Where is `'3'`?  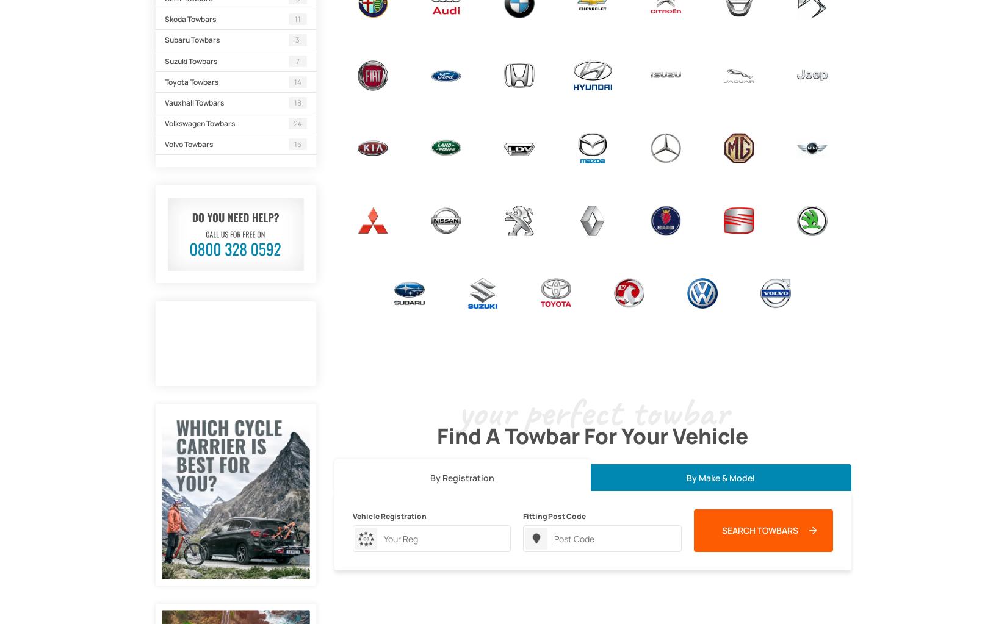 '3' is located at coordinates (294, 39).